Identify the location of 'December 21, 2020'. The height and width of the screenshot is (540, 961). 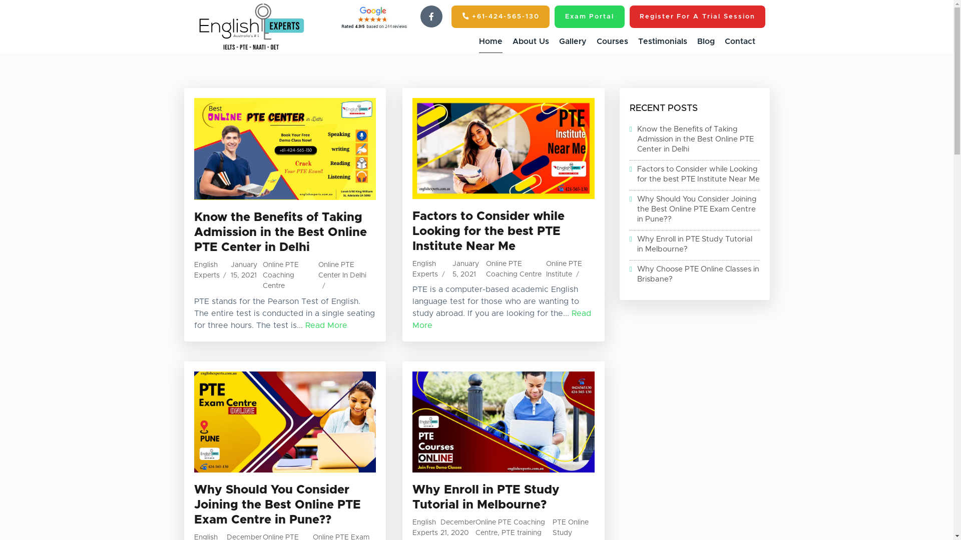
(440, 527).